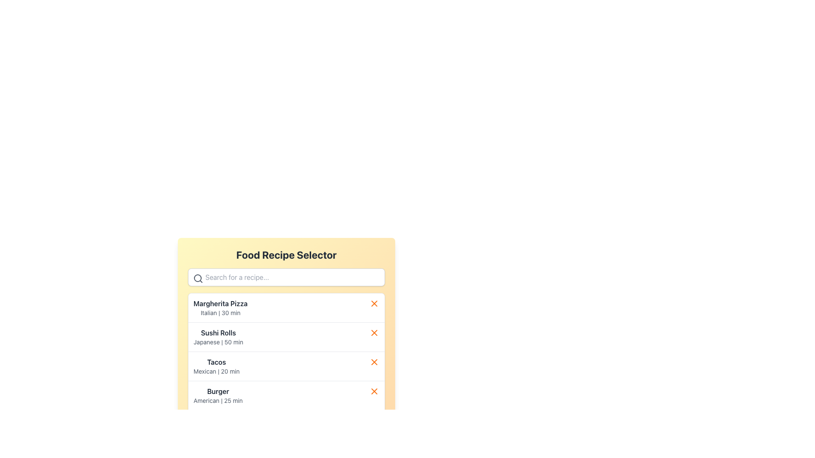  What do you see at coordinates (218, 341) in the screenshot?
I see `the text label indicating the cuisine type (Japanese) and estimated preparation time (50 minutes) located below the title 'Sushi Rolls' in the 'Food Recipe Selector' interface` at bounding box center [218, 341].